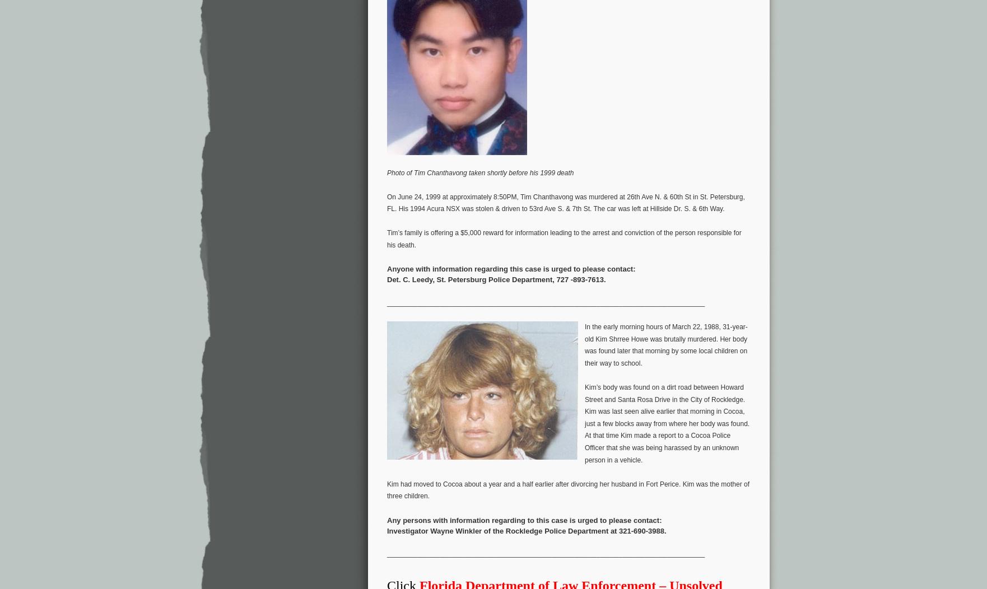 This screenshot has height=589, width=987. Describe the element at coordinates (387, 519) in the screenshot. I see `'Any persons with information regarding to this case is urged to please contact:'` at that location.